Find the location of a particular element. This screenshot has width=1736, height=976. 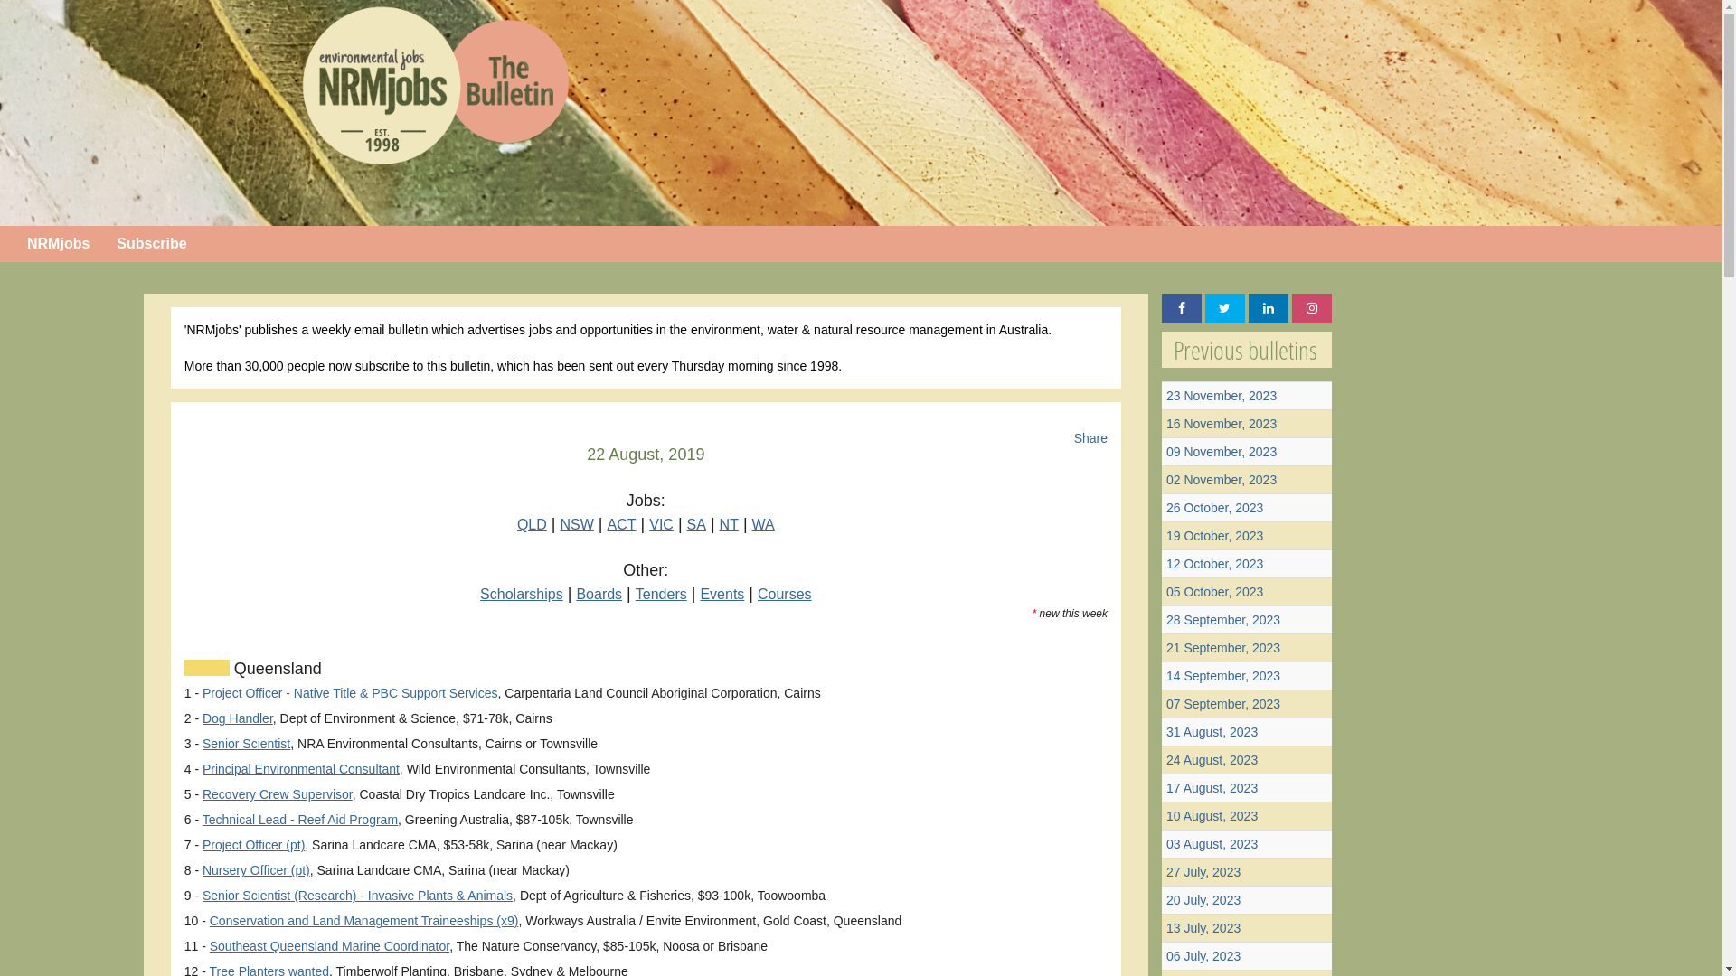

'24 August, 2023' is located at coordinates (1212, 759).